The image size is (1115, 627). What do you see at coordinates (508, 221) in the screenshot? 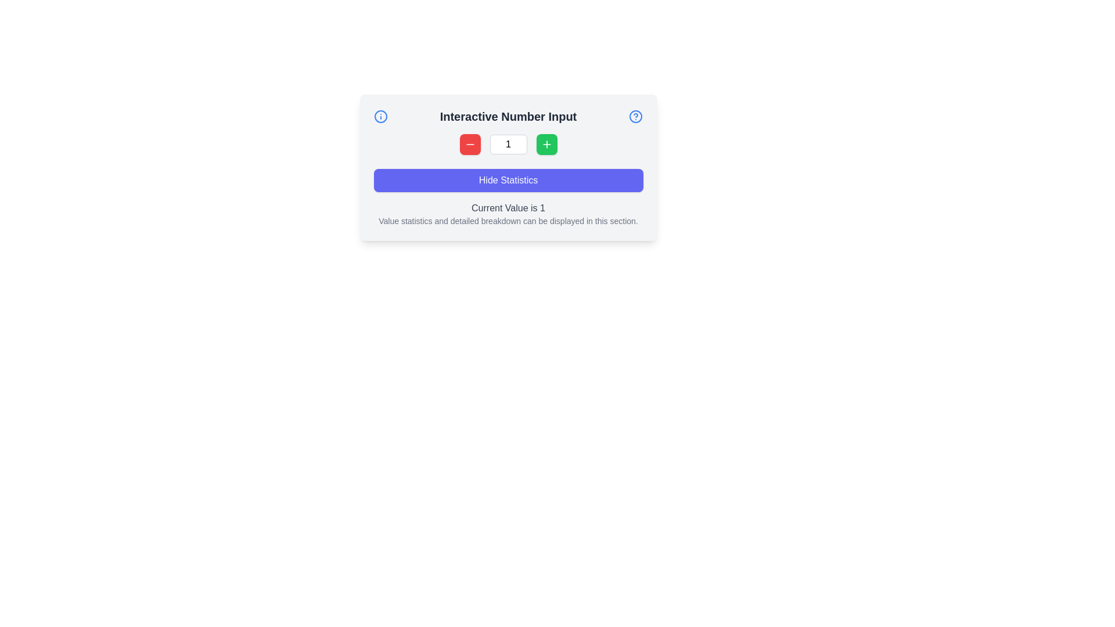
I see `the text paragraph styled in small gray font that reads 'Value statistics` at bounding box center [508, 221].